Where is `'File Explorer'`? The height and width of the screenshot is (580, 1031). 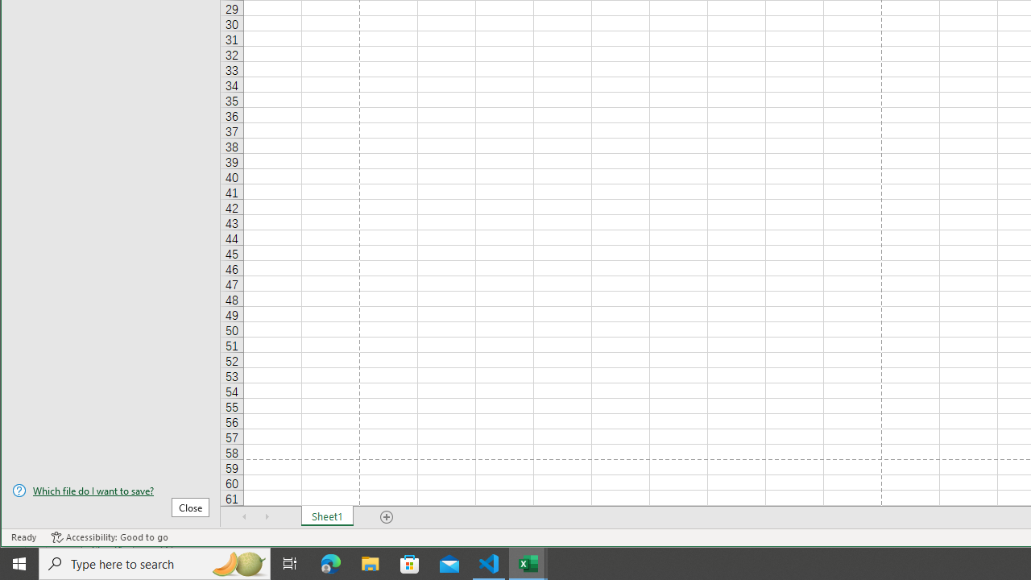 'File Explorer' is located at coordinates (370, 562).